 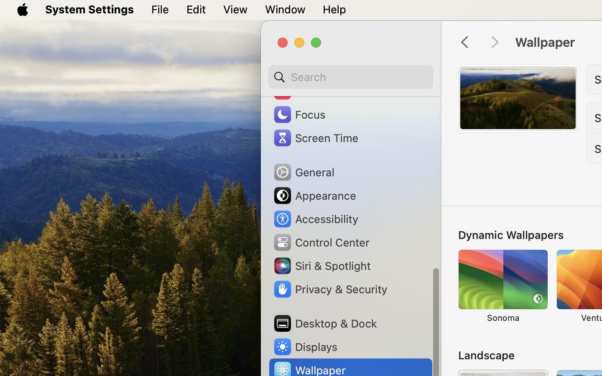 What do you see at coordinates (510, 234) in the screenshot?
I see `'Dynamic Wallpapers'` at bounding box center [510, 234].